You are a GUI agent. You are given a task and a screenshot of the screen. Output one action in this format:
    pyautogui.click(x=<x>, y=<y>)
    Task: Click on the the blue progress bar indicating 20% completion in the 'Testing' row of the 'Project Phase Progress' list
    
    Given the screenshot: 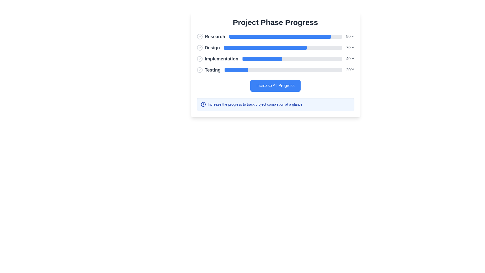 What is the action you would take?
    pyautogui.click(x=236, y=70)
    